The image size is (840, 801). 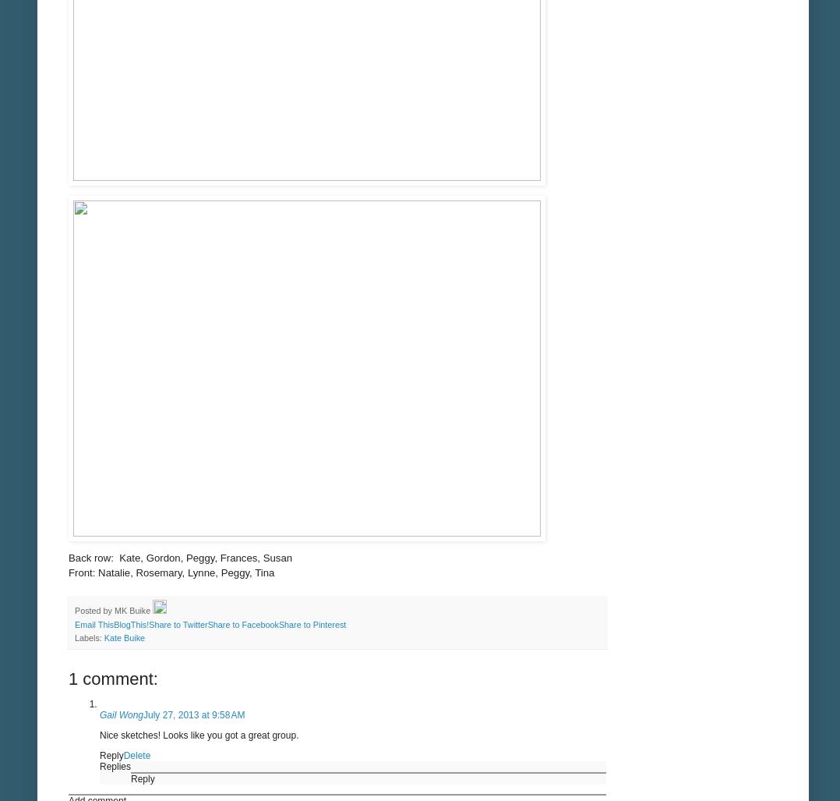 I want to click on 'Posted by', so click(x=94, y=609).